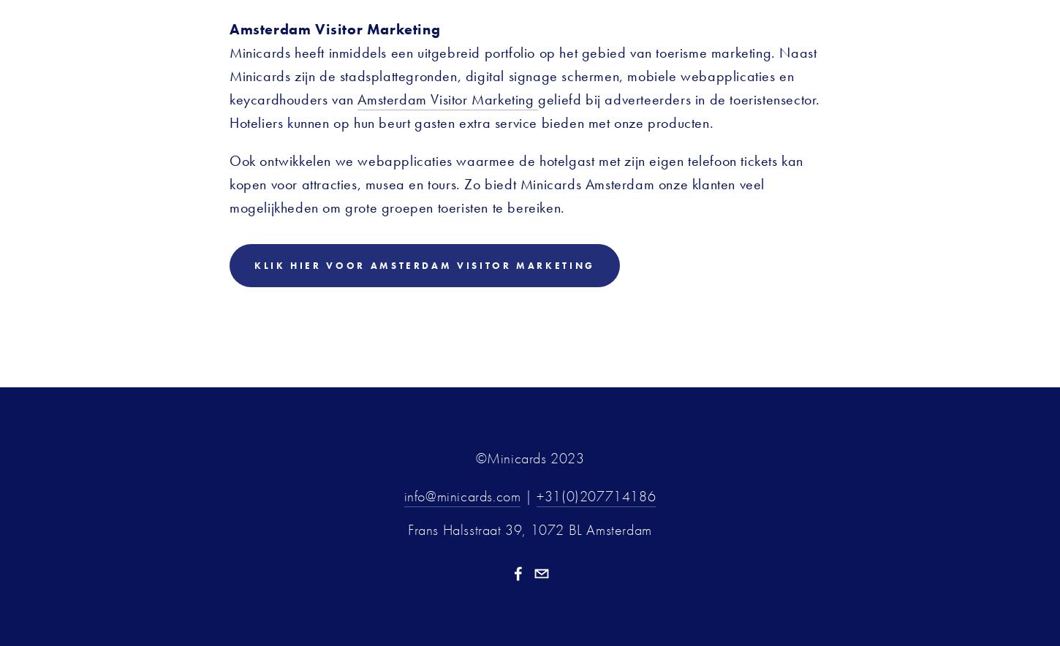 The height and width of the screenshot is (646, 1060). I want to click on 'Minicards heeft inmiddels een uitgebreid portfolio op het gebied van toerisme marketing. Naast Minicards zijn de stadsplattegronden, digital signage schermen, mobiele webapplicaties en keycardhouders van', so click(524, 75).